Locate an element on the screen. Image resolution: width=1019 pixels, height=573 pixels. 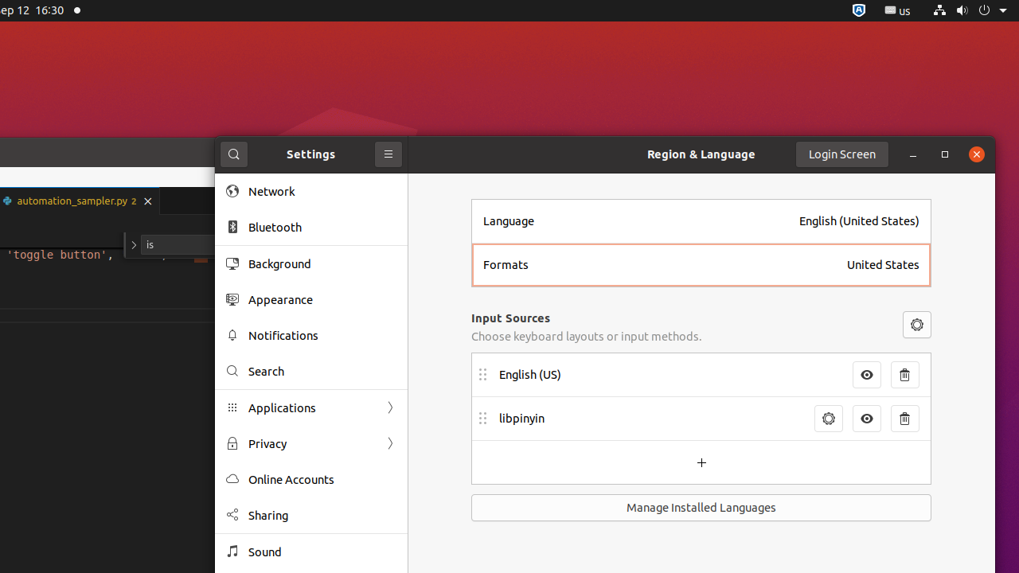
'Minimize' is located at coordinates (913, 154).